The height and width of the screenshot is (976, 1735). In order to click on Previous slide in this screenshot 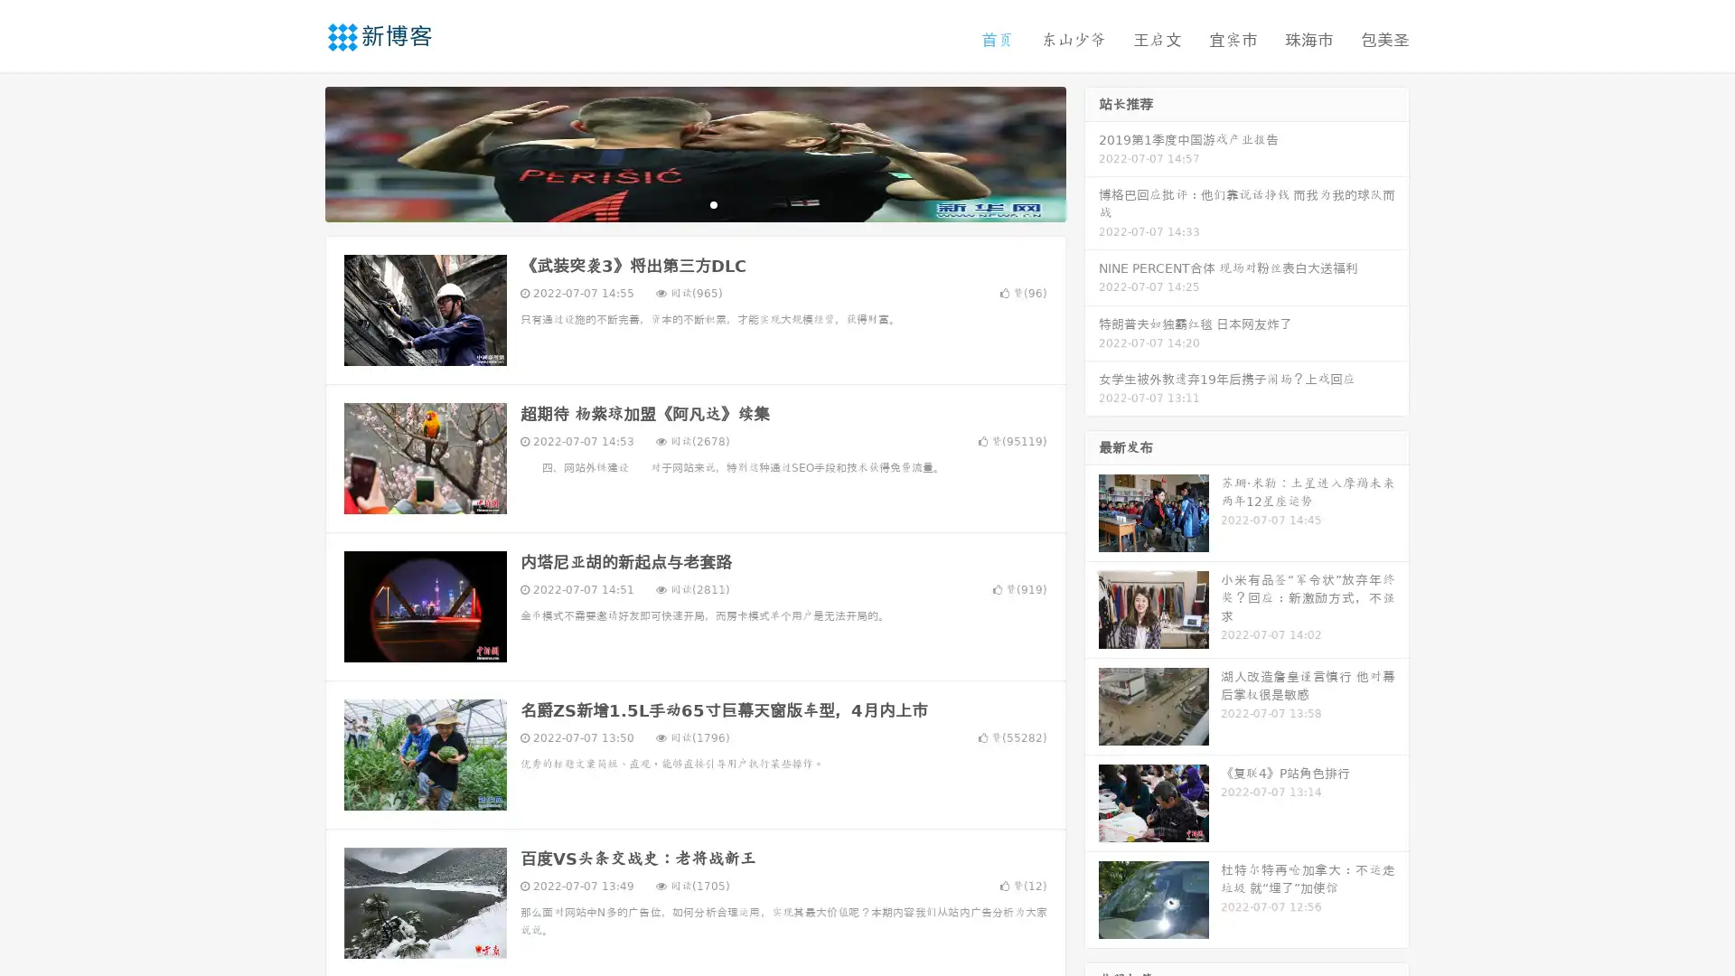, I will do `click(298, 152)`.